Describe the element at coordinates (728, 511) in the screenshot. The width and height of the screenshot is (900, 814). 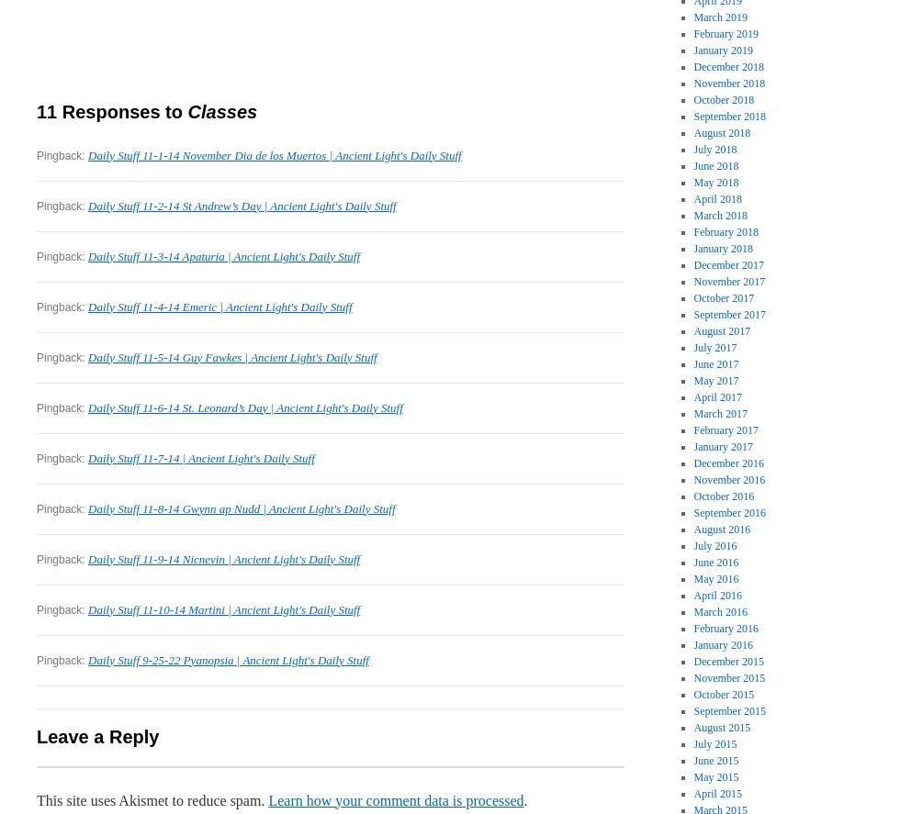
I see `'September 2016'` at that location.